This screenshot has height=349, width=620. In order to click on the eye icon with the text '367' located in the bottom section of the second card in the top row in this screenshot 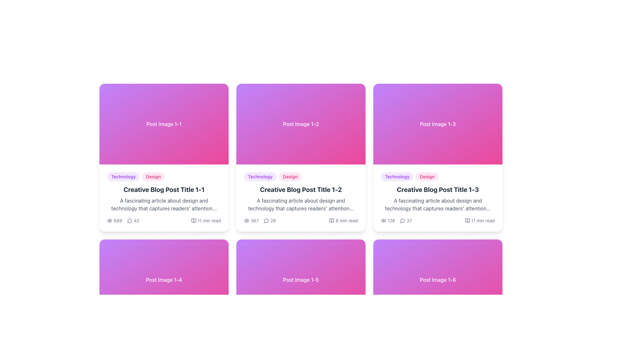, I will do `click(251, 220)`.